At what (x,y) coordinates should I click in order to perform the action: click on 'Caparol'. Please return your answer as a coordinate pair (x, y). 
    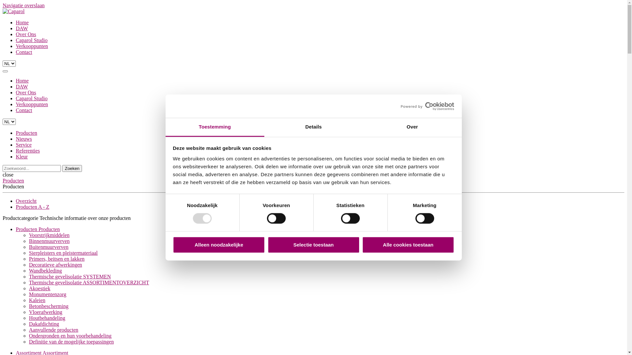
    Looking at the image, I should click on (13, 11).